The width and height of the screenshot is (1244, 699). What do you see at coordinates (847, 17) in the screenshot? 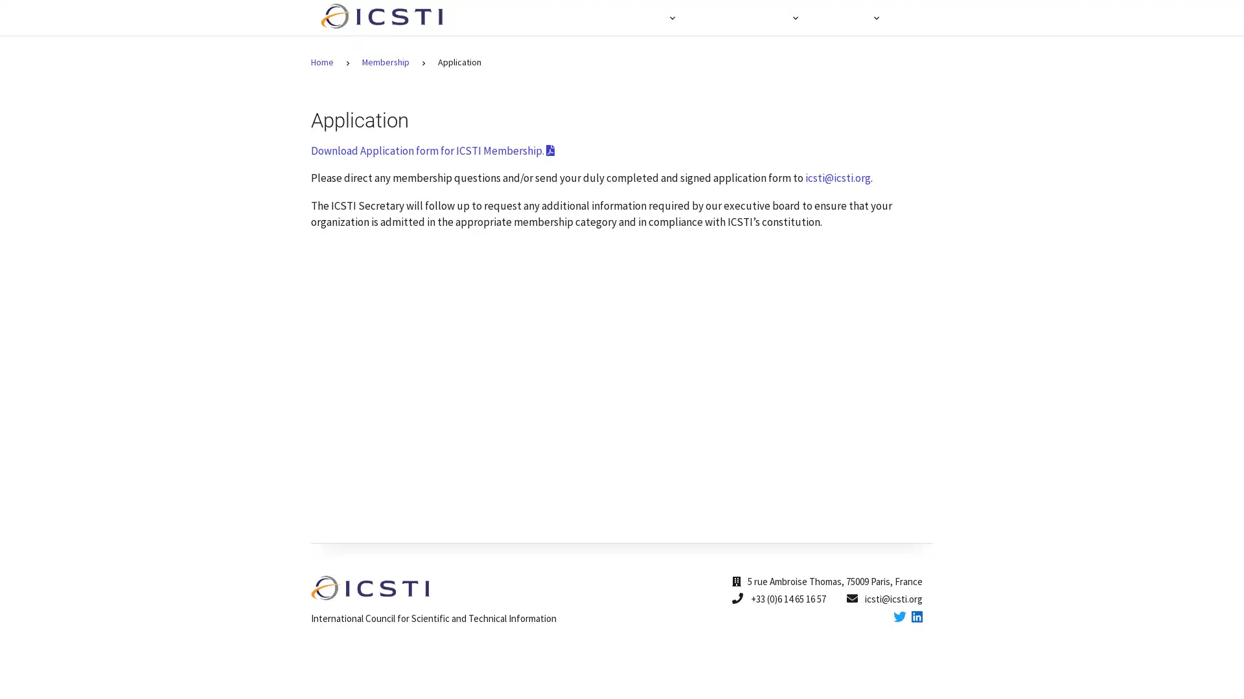
I see `Membership` at bounding box center [847, 17].